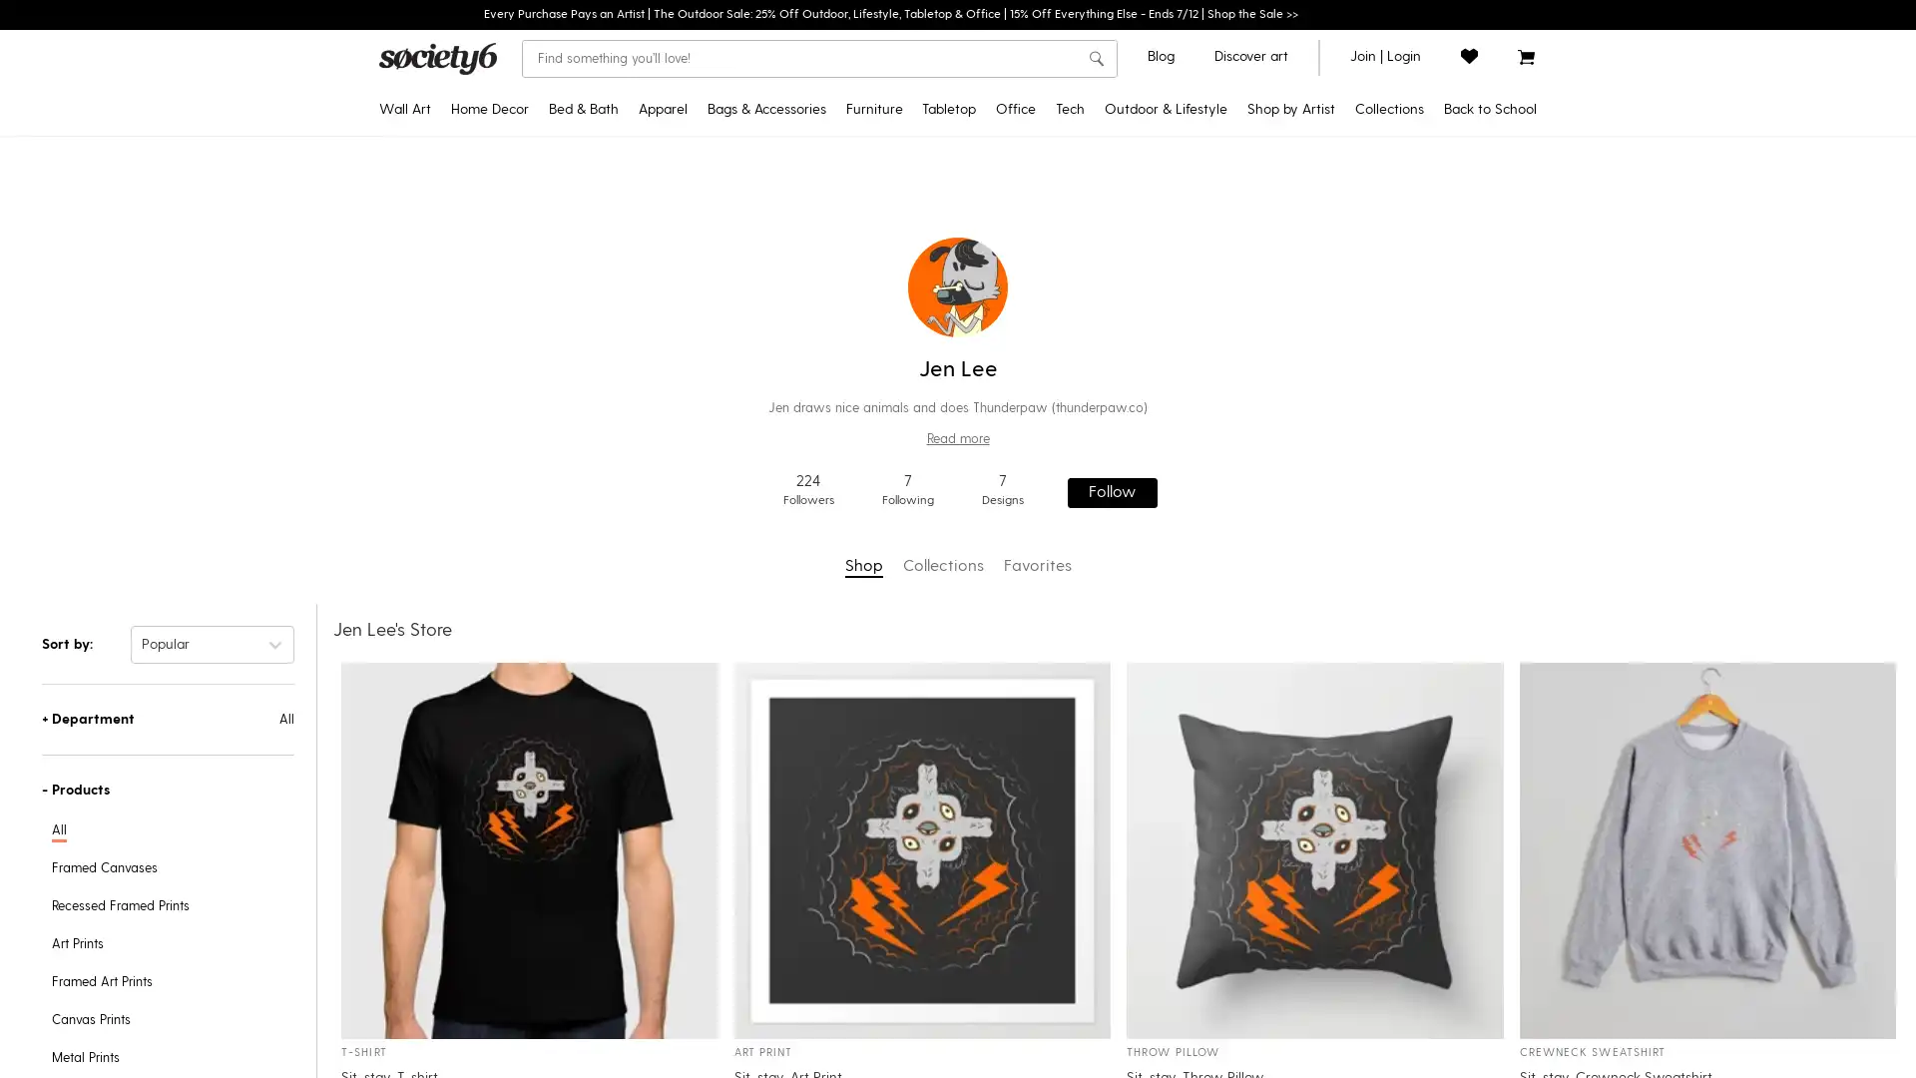  I want to click on Pencil Cases, so click(1065, 352).